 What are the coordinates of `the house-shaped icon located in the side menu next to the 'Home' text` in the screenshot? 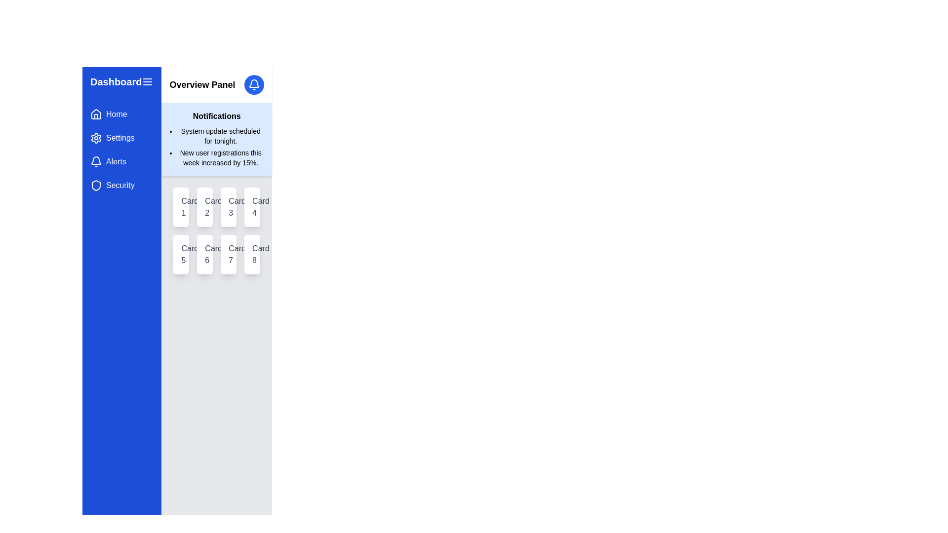 It's located at (96, 114).